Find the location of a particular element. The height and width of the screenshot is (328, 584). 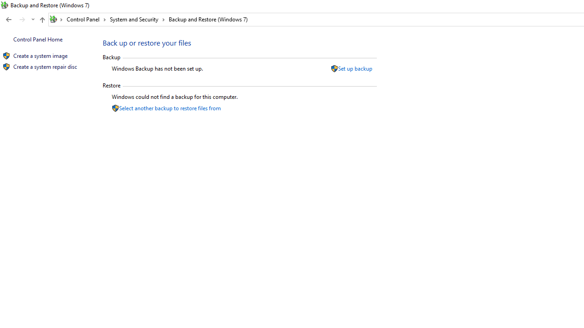

'Create a system repair disc' is located at coordinates (45, 66).